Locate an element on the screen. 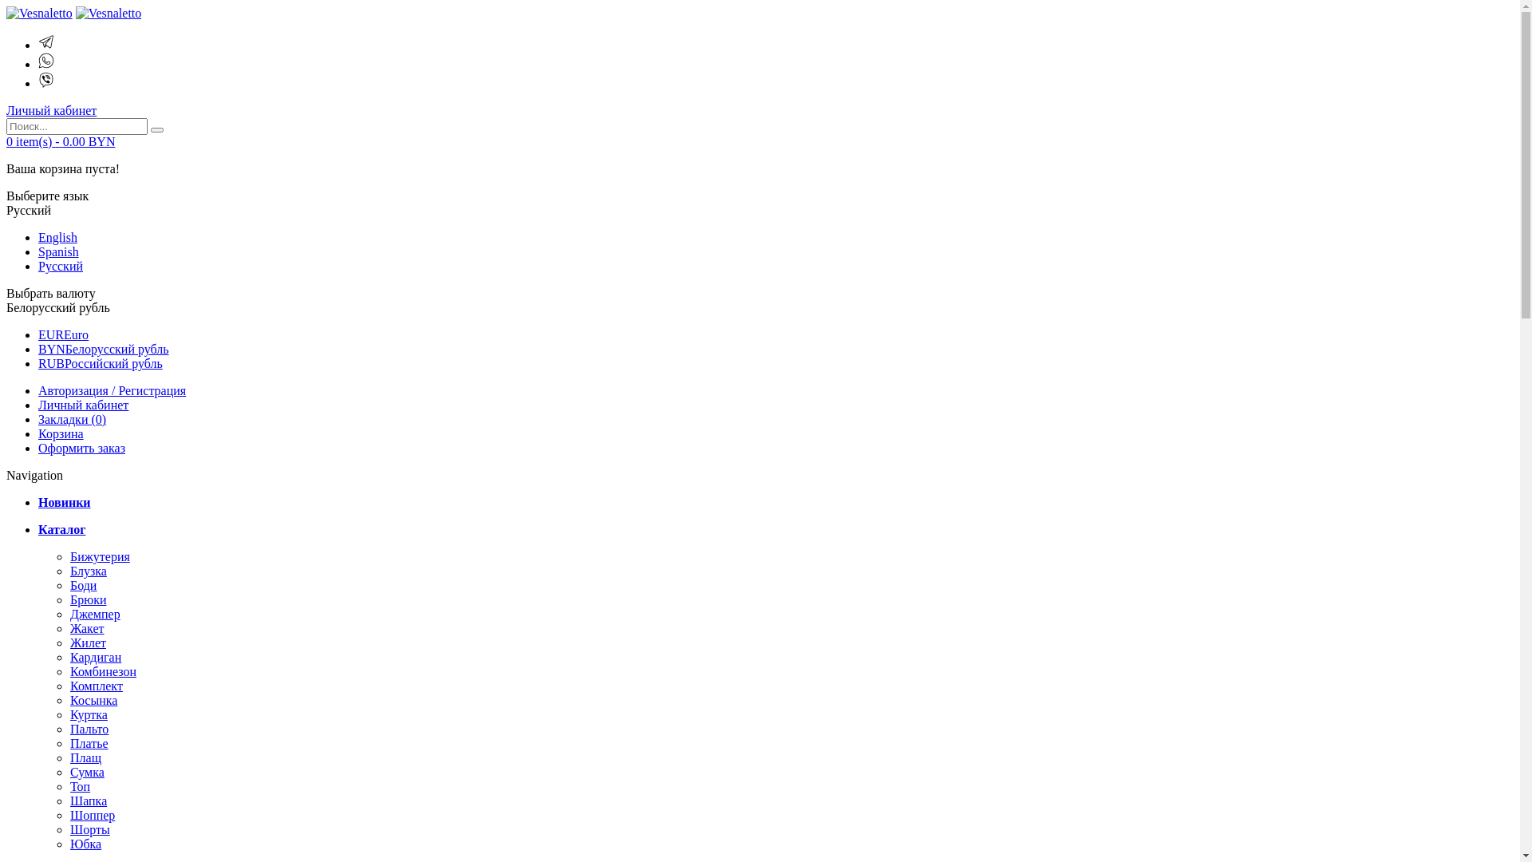 The width and height of the screenshot is (1532, 862). 'English' is located at coordinates (57, 237).